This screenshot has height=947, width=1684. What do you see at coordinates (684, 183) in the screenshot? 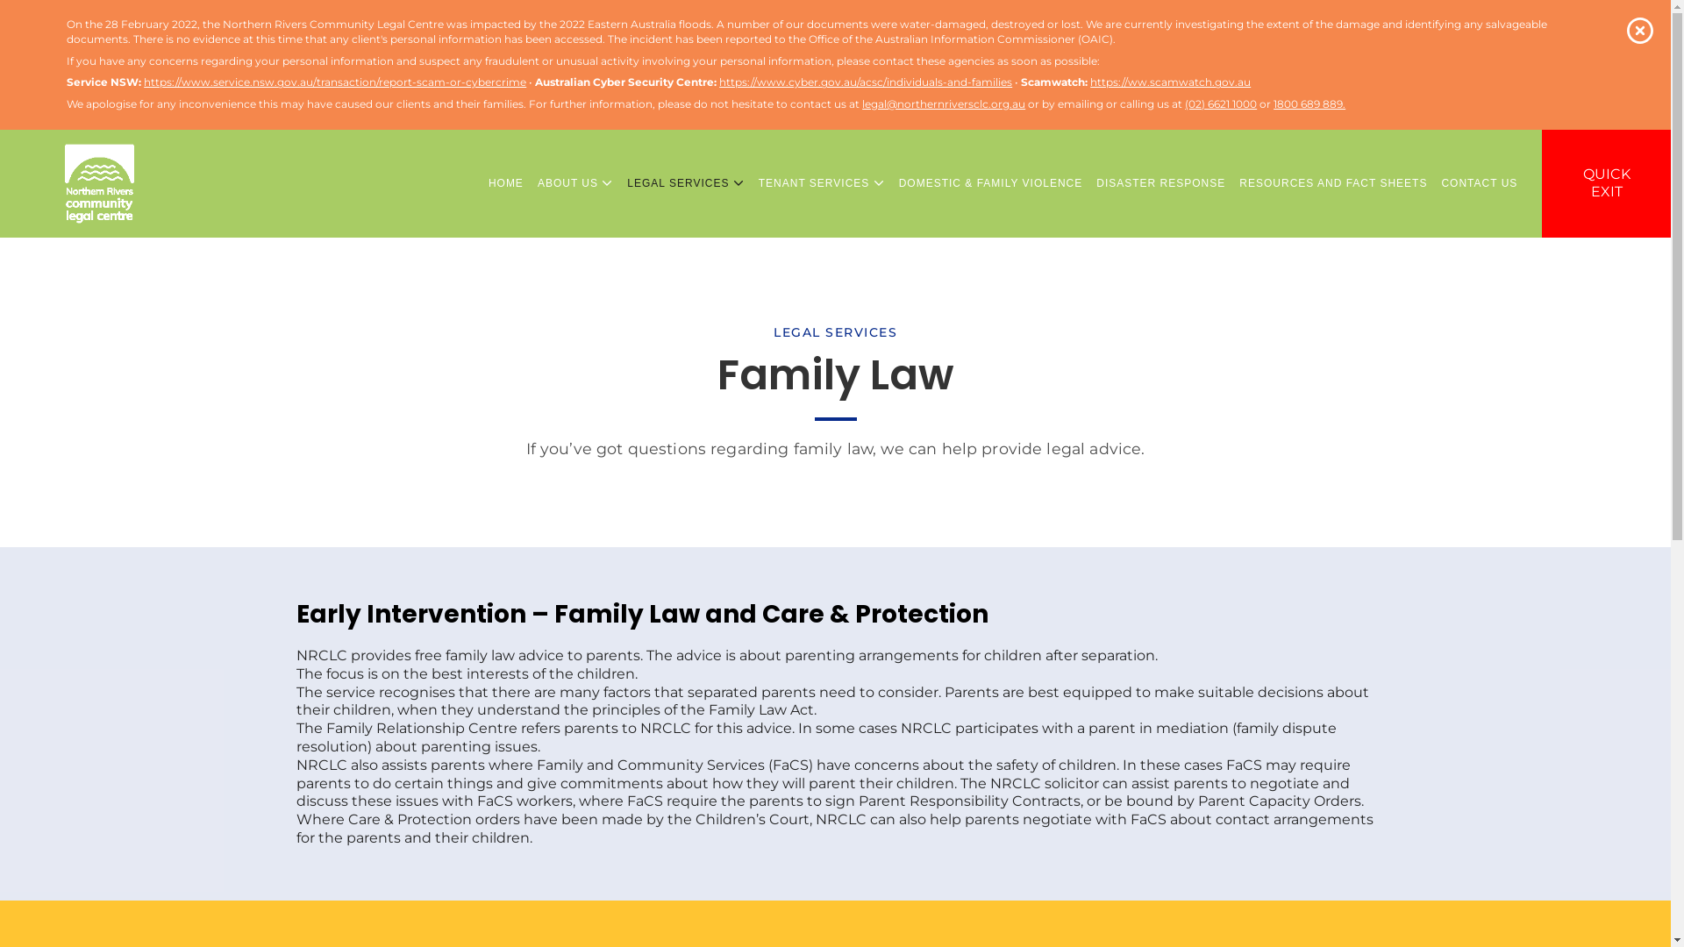
I see `'LEGAL SERVICES'` at bounding box center [684, 183].